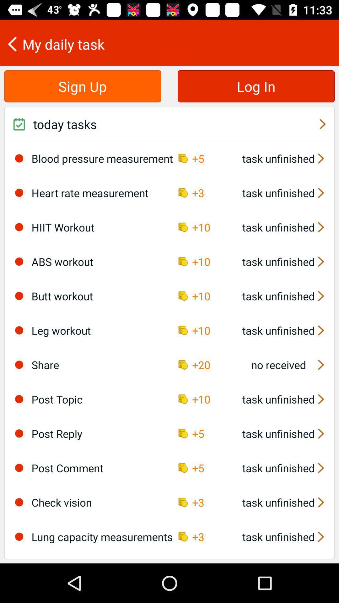 The image size is (339, 603). I want to click on choose abs workout, so click(19, 261).